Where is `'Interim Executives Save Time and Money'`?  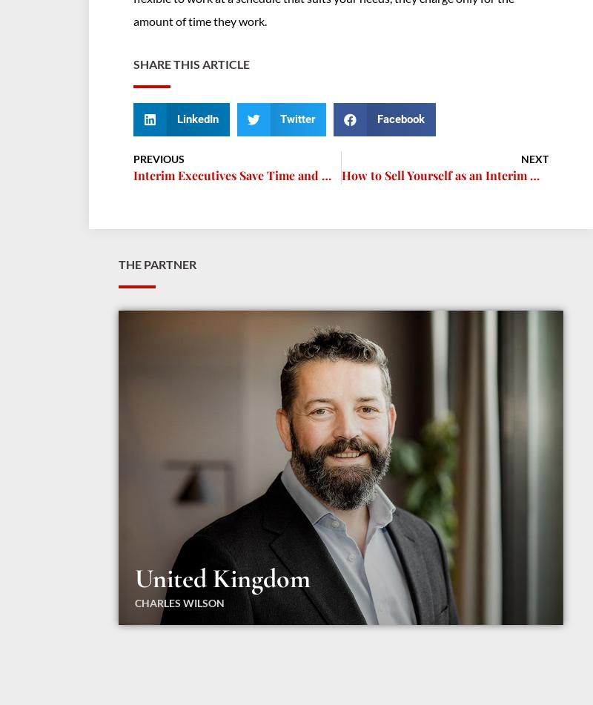 'Interim Executives Save Time and Money' is located at coordinates (245, 174).